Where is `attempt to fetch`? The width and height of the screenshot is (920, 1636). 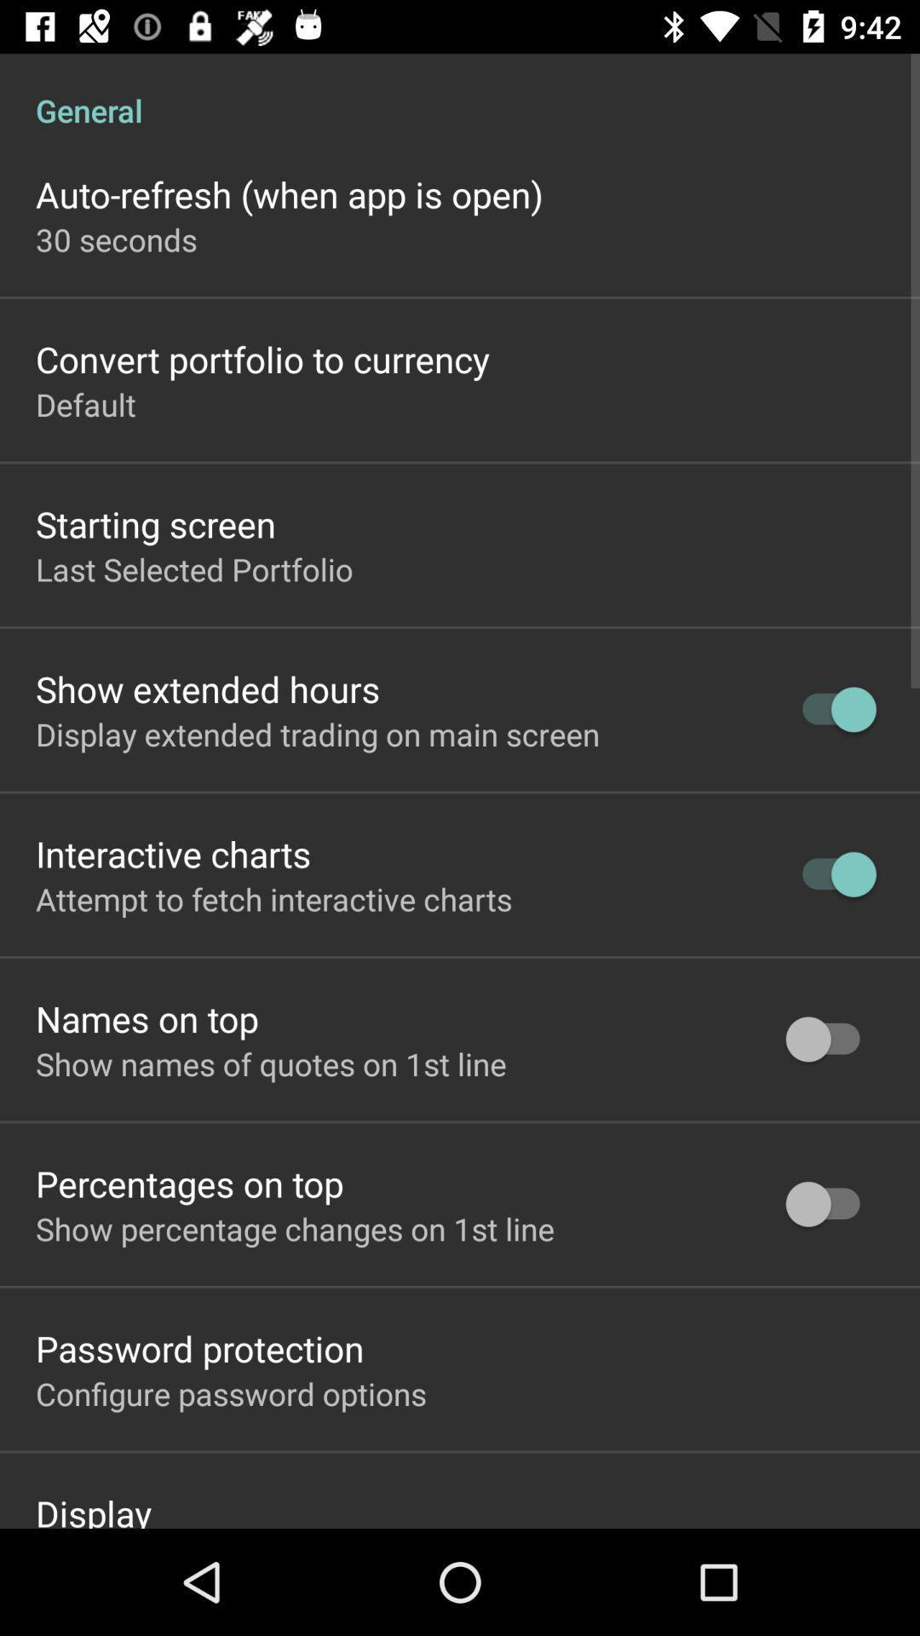 attempt to fetch is located at coordinates (273, 898).